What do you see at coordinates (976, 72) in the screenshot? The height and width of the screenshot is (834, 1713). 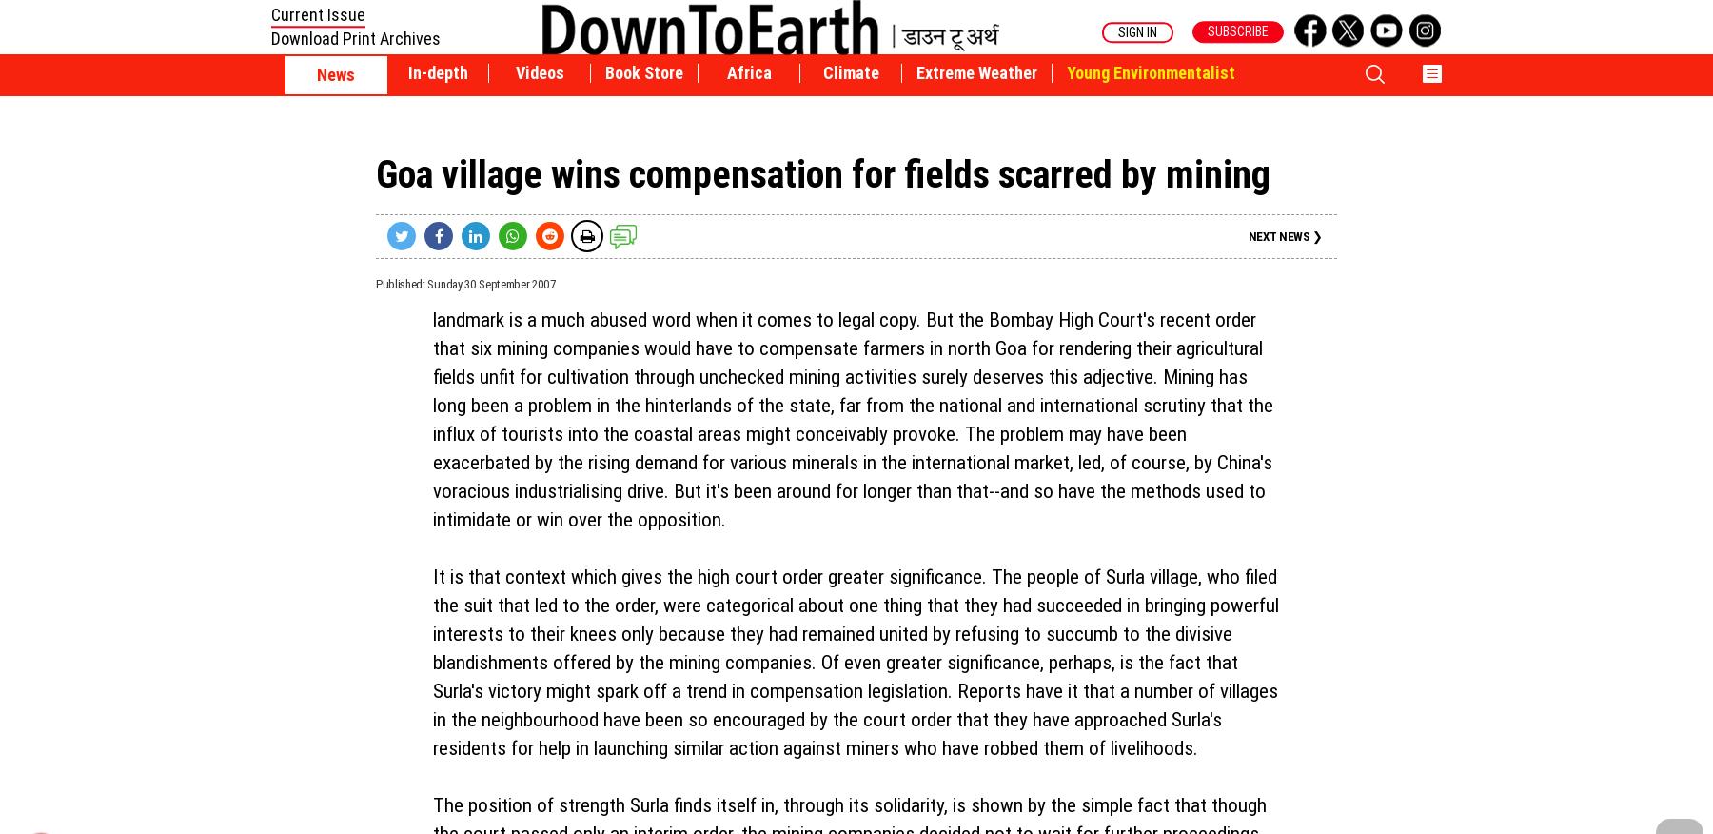 I see `'Extreme Weather'` at bounding box center [976, 72].